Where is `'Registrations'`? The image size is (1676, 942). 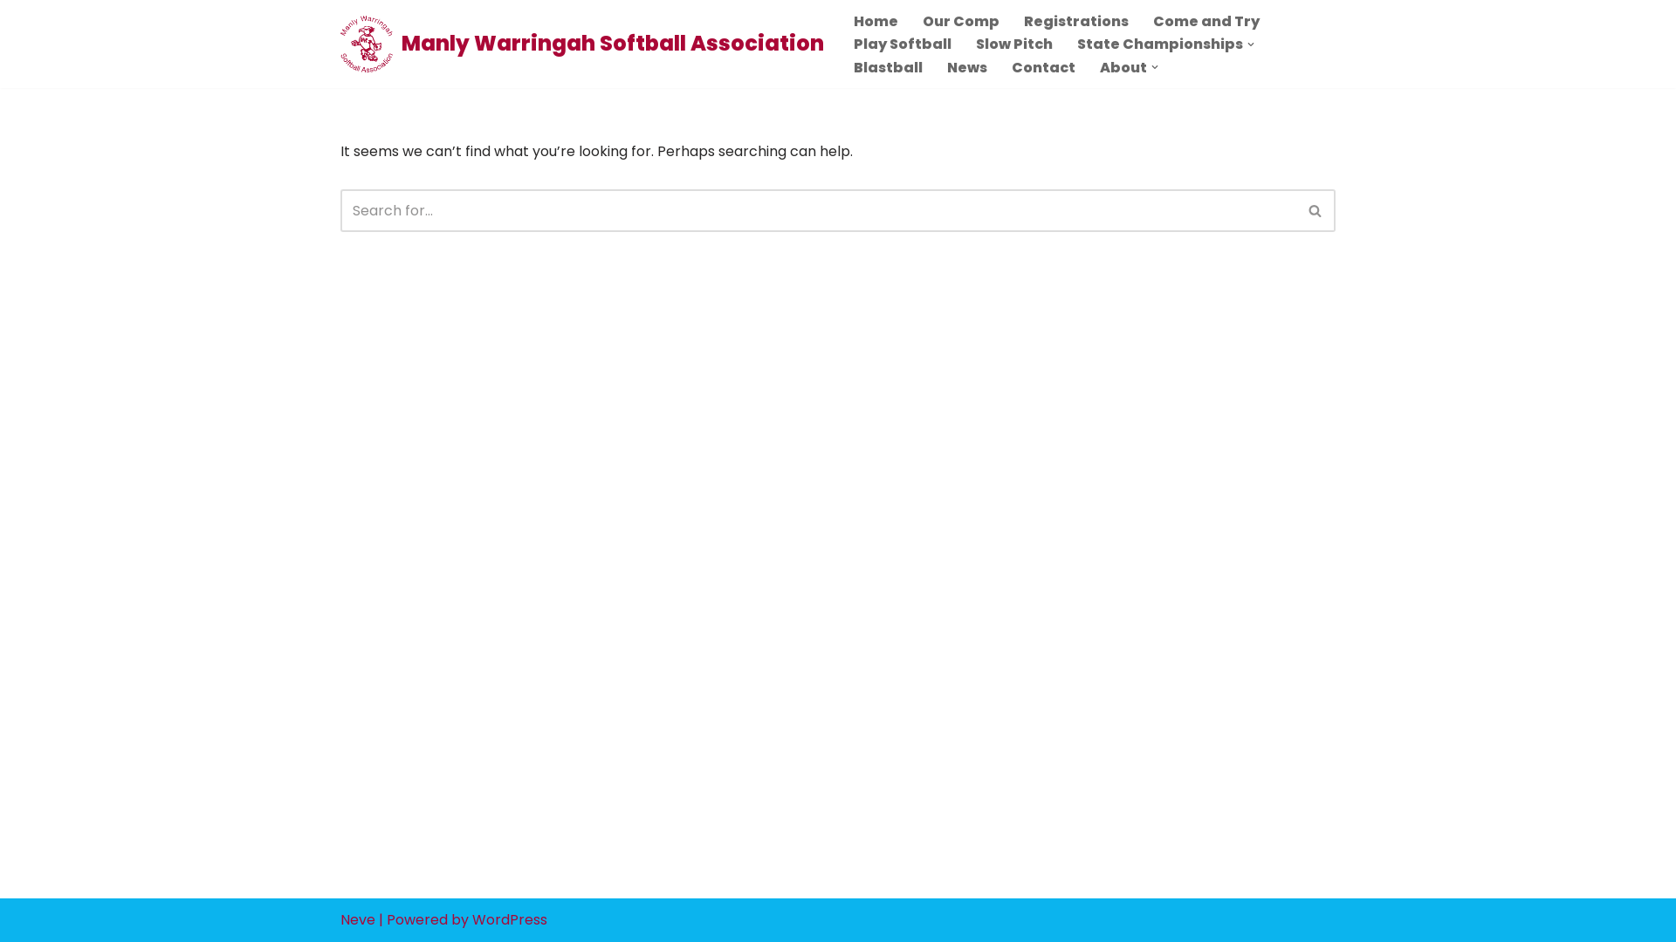 'Registrations' is located at coordinates (1023, 21).